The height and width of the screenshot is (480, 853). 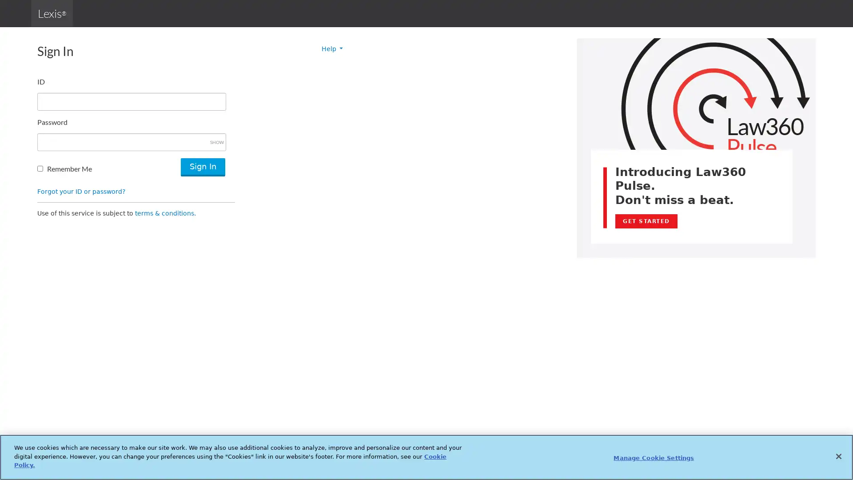 What do you see at coordinates (838, 456) in the screenshot?
I see `Close` at bounding box center [838, 456].